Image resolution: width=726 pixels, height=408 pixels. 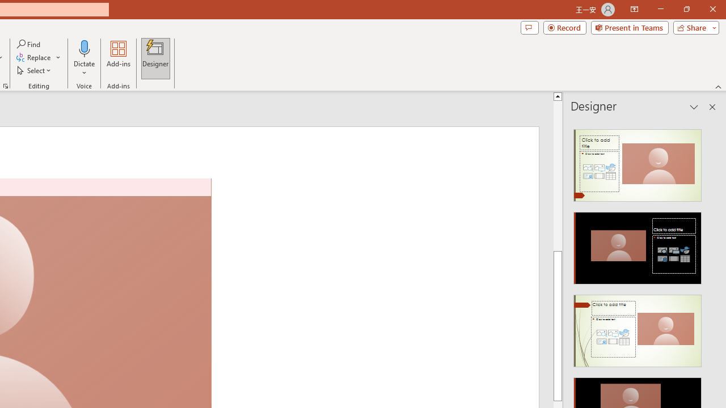 What do you see at coordinates (693, 27) in the screenshot?
I see `'Share'` at bounding box center [693, 27].